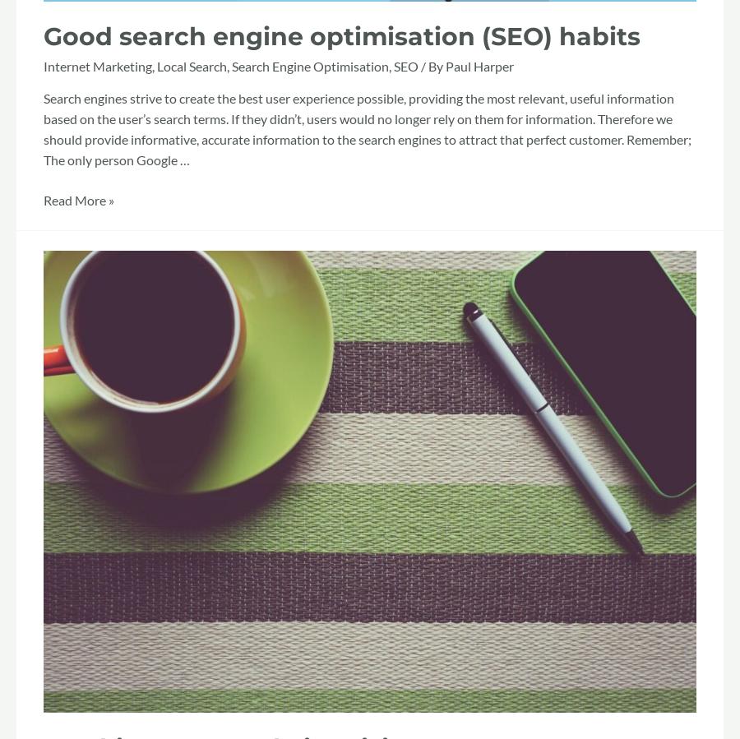  What do you see at coordinates (310, 65) in the screenshot?
I see `'Search Engine Optimisation'` at bounding box center [310, 65].